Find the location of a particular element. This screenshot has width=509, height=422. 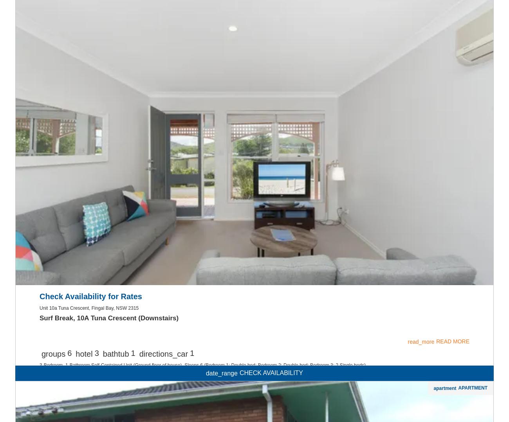

'Apartment Features' is located at coordinates (85, 92).